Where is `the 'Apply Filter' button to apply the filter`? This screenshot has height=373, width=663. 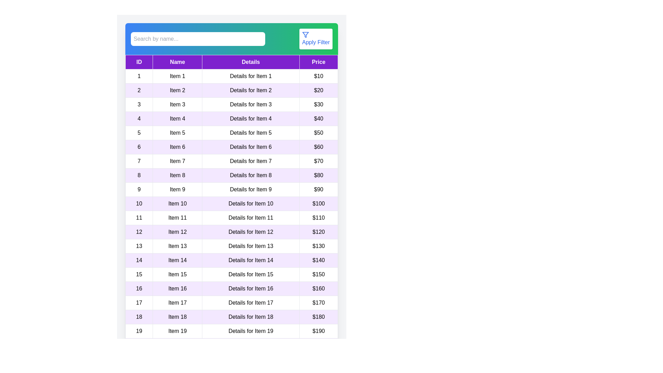
the 'Apply Filter' button to apply the filter is located at coordinates (316, 39).